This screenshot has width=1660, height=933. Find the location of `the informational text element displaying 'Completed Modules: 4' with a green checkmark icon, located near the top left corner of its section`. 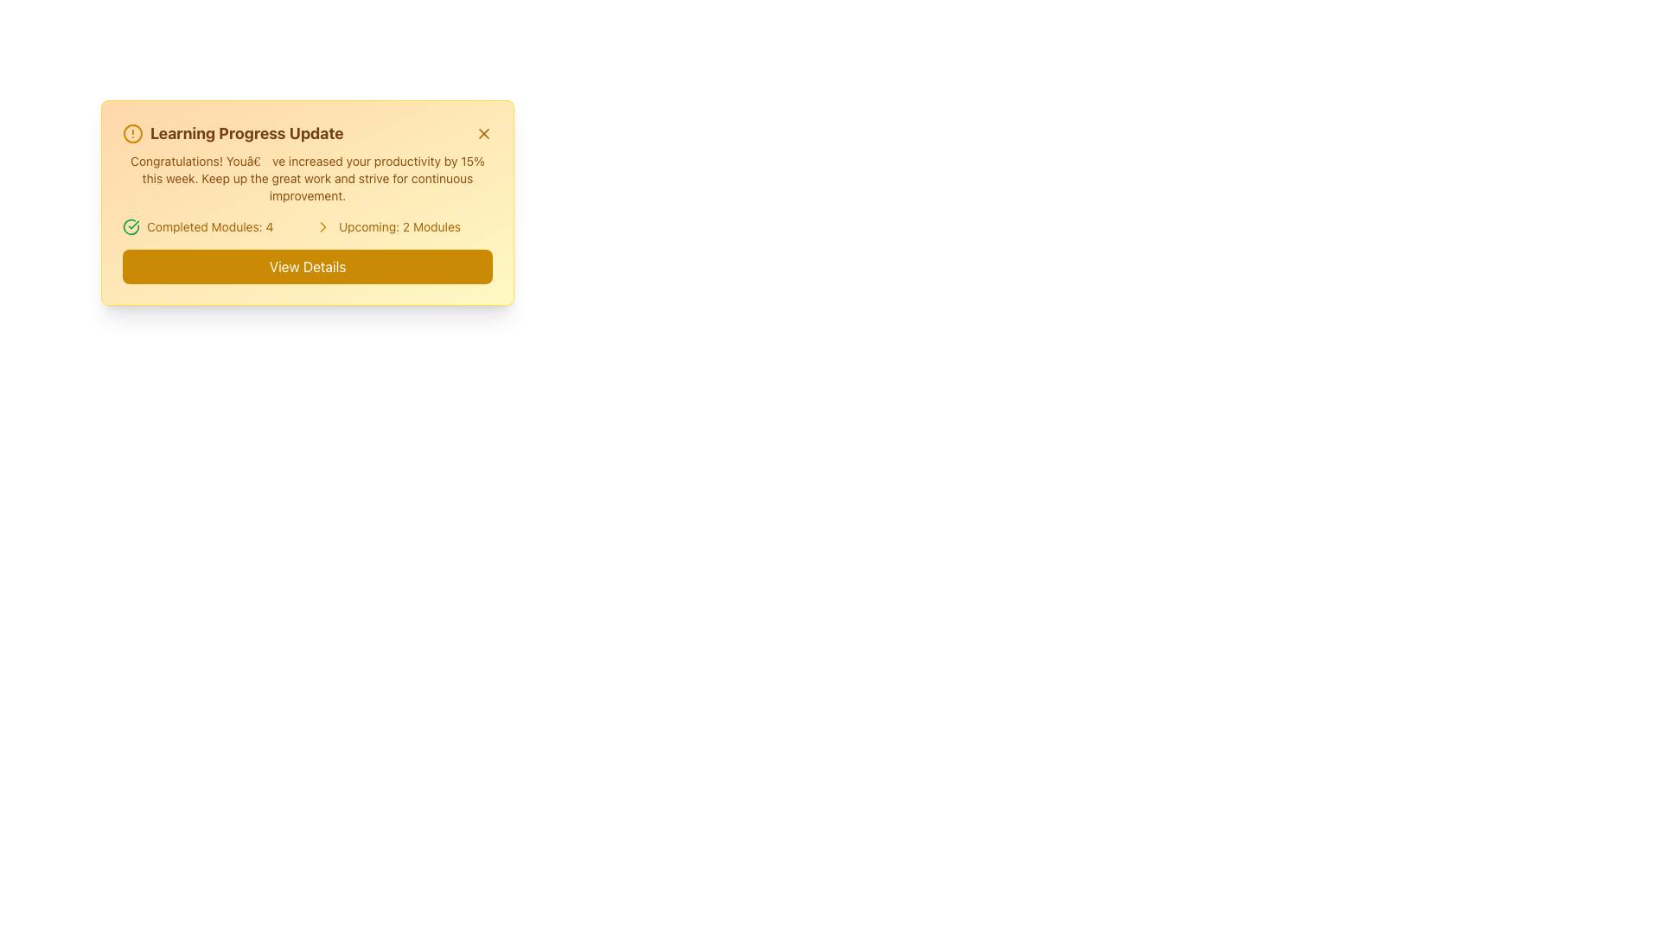

the informational text element displaying 'Completed Modules: 4' with a green checkmark icon, located near the top left corner of its section is located at coordinates (210, 225).